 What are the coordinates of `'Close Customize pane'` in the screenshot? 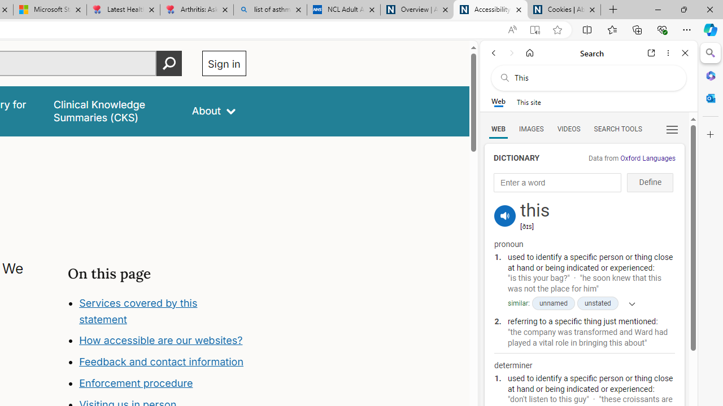 It's located at (710, 134).